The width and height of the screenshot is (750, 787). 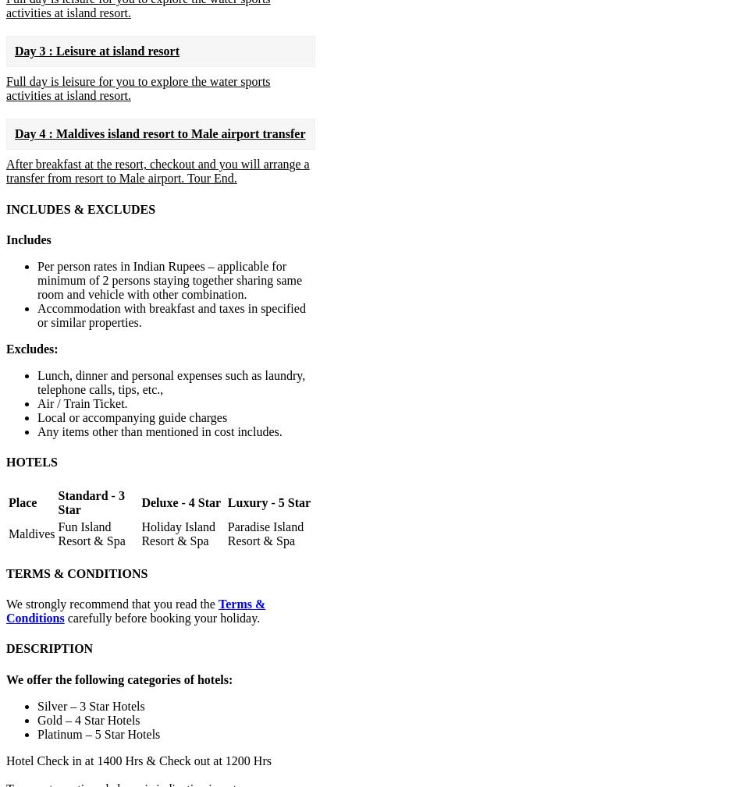 I want to click on 'DESCRIPTION', so click(x=49, y=648).